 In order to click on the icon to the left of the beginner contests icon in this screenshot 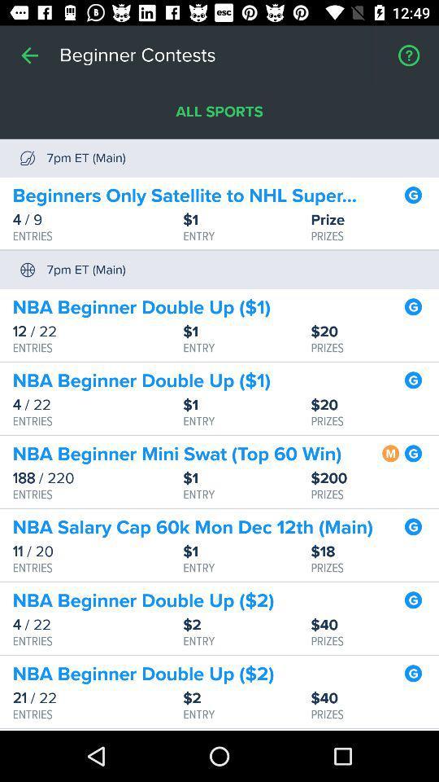, I will do `click(29, 55)`.